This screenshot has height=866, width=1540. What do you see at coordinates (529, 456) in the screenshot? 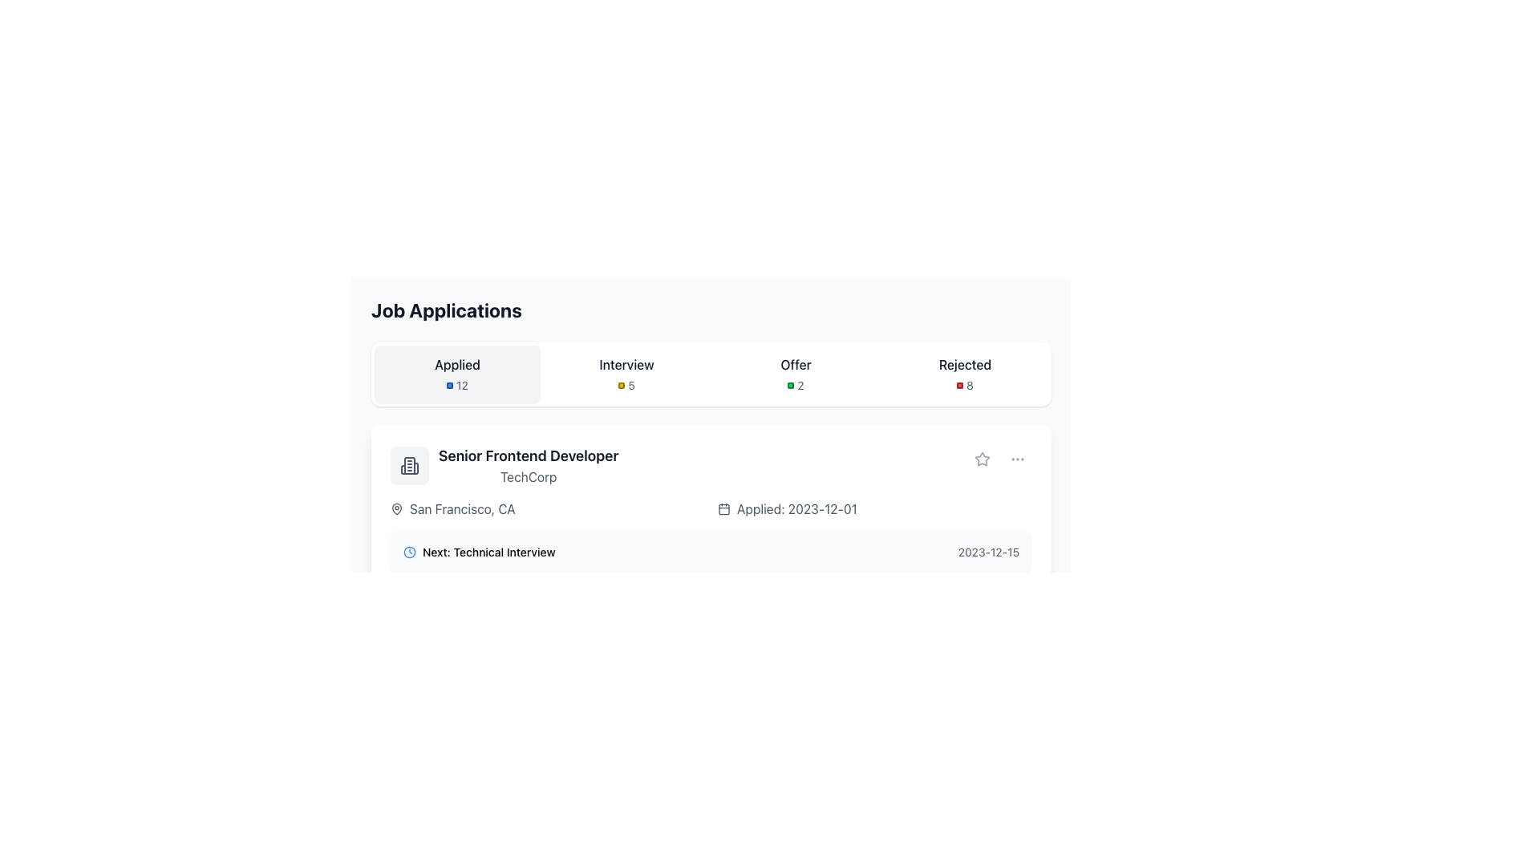
I see `job title text label displaying 'Senior Frontend Developer' located at the center of the job application card, which is positioned under the 'Job Applications' header` at bounding box center [529, 456].